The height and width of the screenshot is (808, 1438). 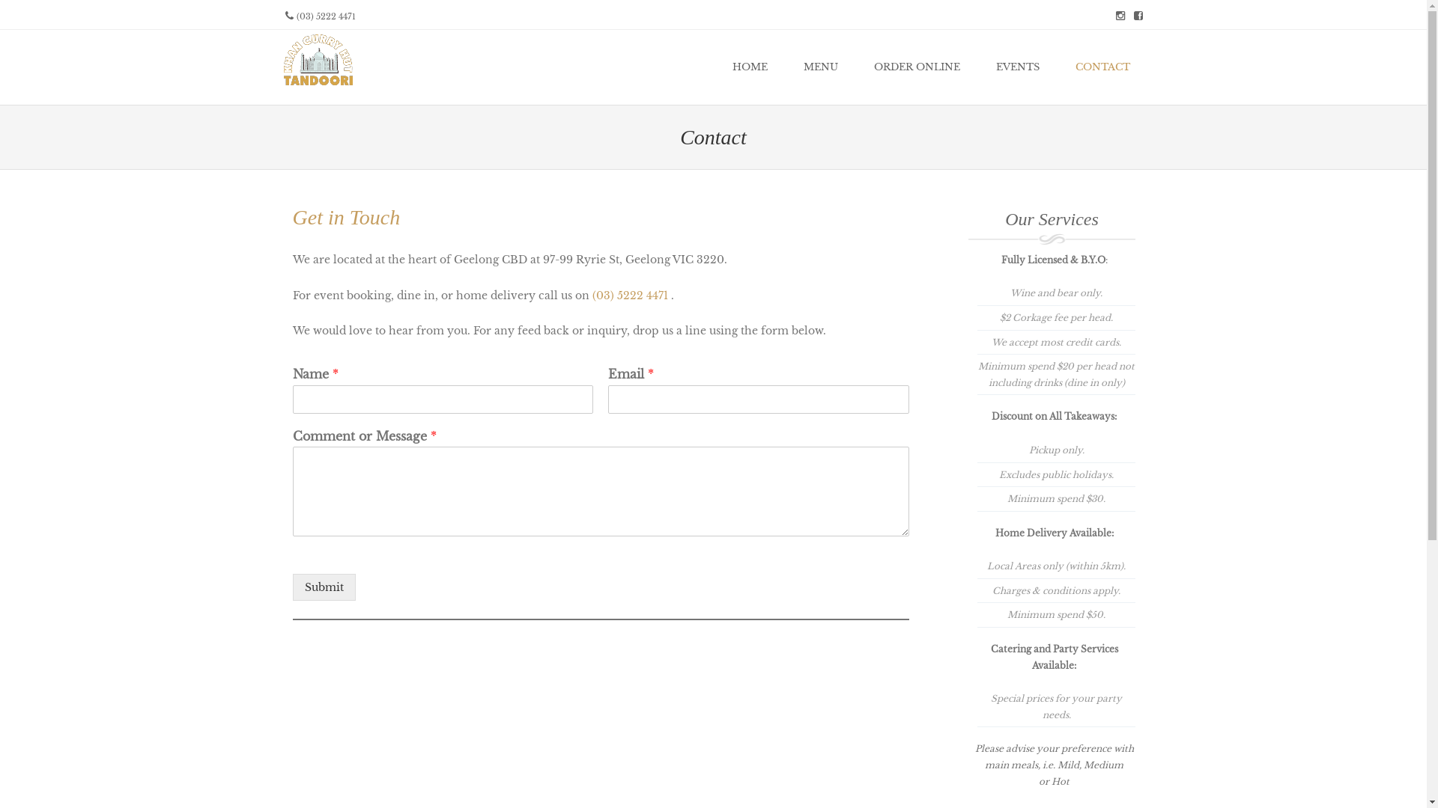 What do you see at coordinates (750, 66) in the screenshot?
I see `'HOME'` at bounding box center [750, 66].